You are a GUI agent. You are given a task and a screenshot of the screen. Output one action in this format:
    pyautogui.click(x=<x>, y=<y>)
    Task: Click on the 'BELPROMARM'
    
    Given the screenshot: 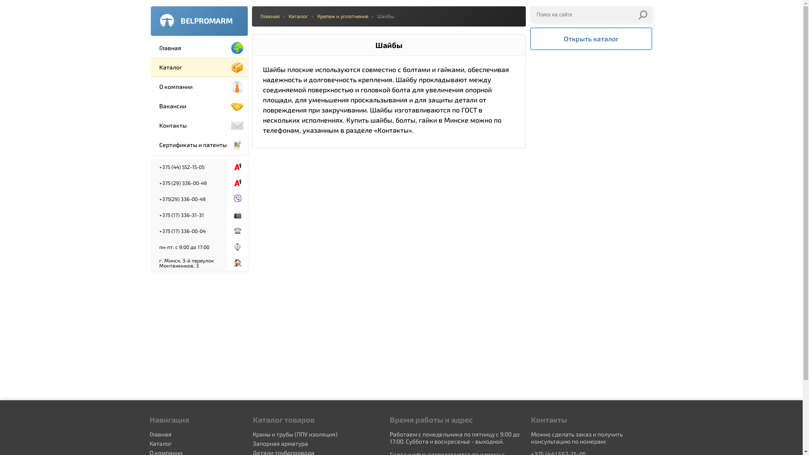 What is the action you would take?
    pyautogui.click(x=199, y=21)
    